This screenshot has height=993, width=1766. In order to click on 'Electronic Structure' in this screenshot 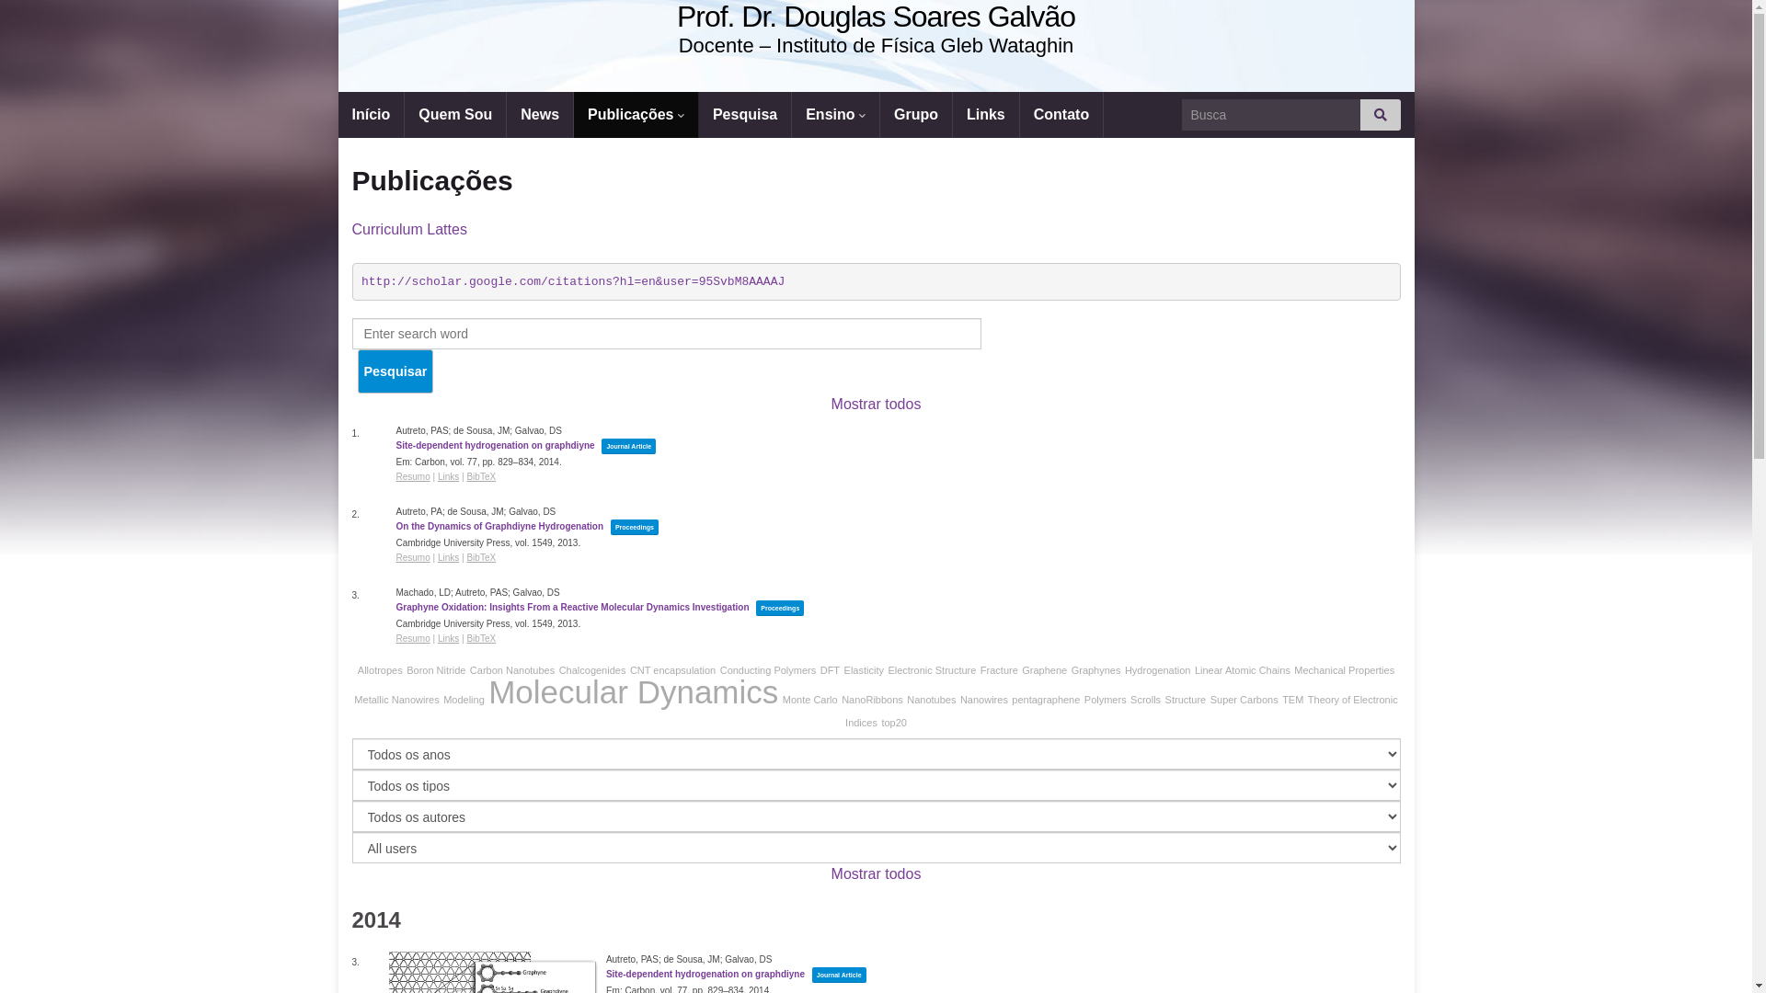, I will do `click(931, 670)`.